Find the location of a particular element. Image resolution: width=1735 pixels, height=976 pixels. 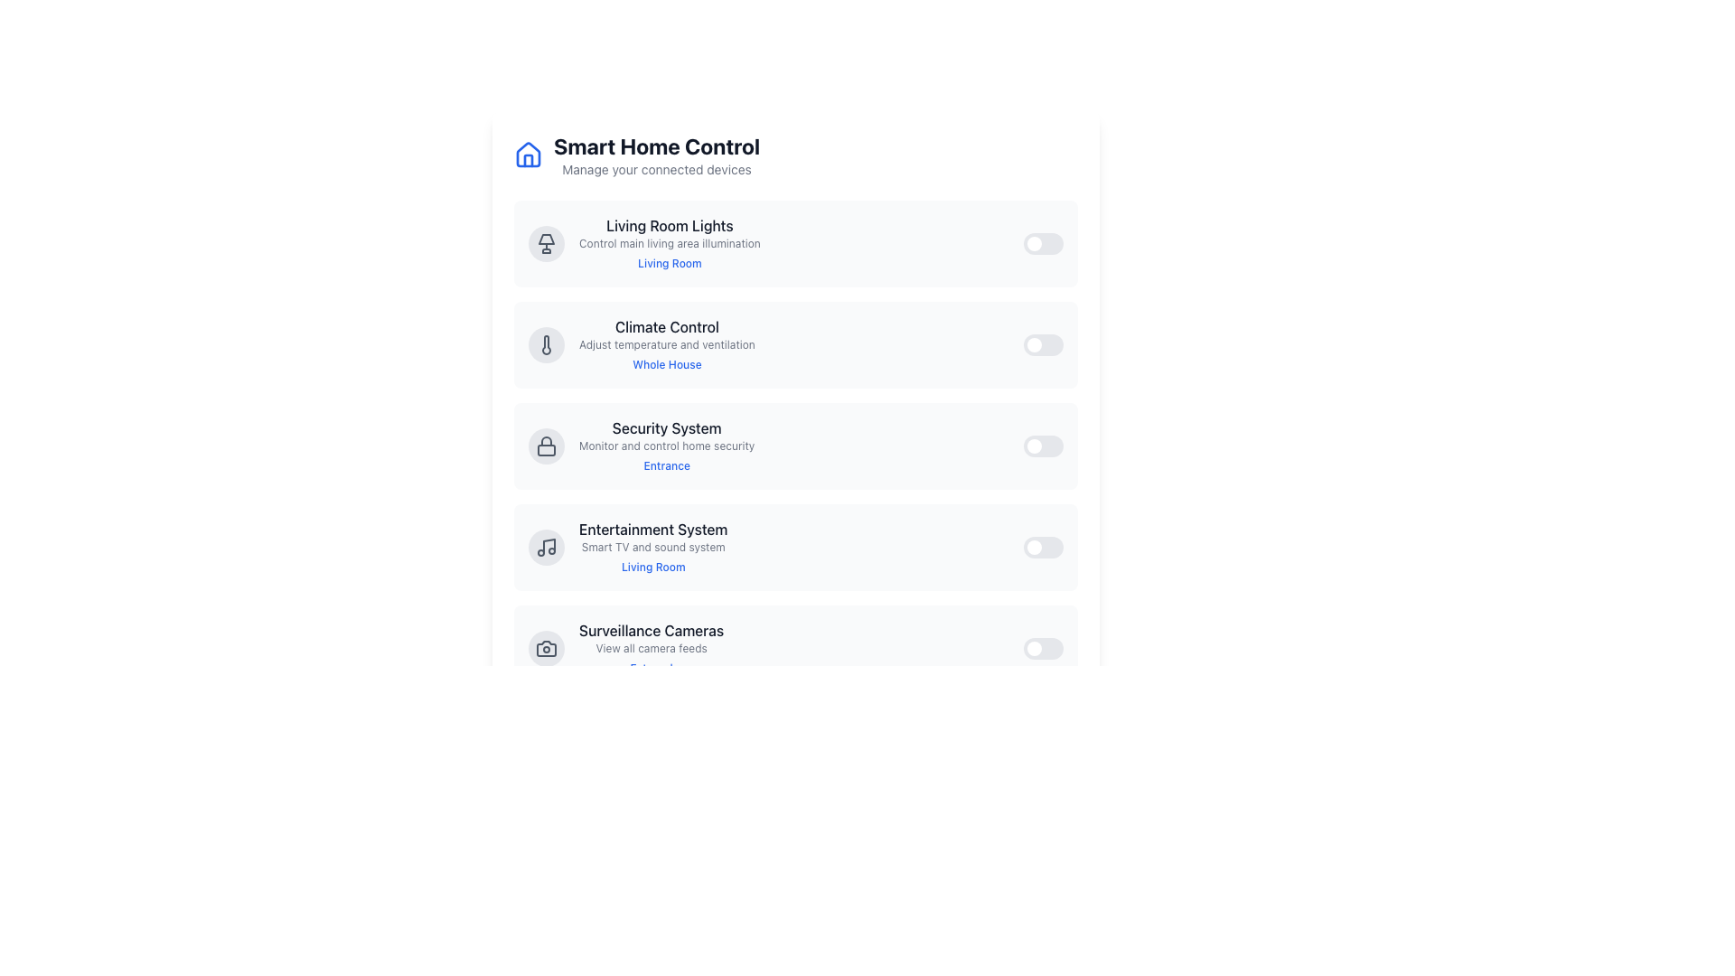

the primary title text label that describes the current section for controlling the climate settings of a smart home, positioned between the 'Living Room Lights' and 'Security System' items is located at coordinates (666, 327).